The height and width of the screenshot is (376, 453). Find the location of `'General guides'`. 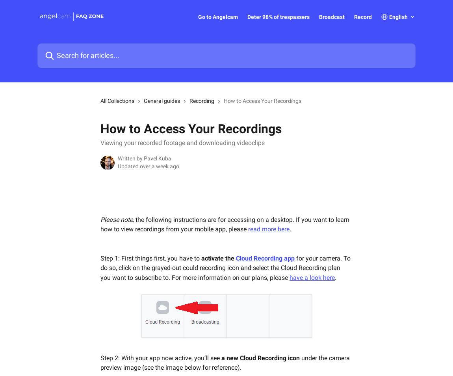

'General guides' is located at coordinates (144, 101).